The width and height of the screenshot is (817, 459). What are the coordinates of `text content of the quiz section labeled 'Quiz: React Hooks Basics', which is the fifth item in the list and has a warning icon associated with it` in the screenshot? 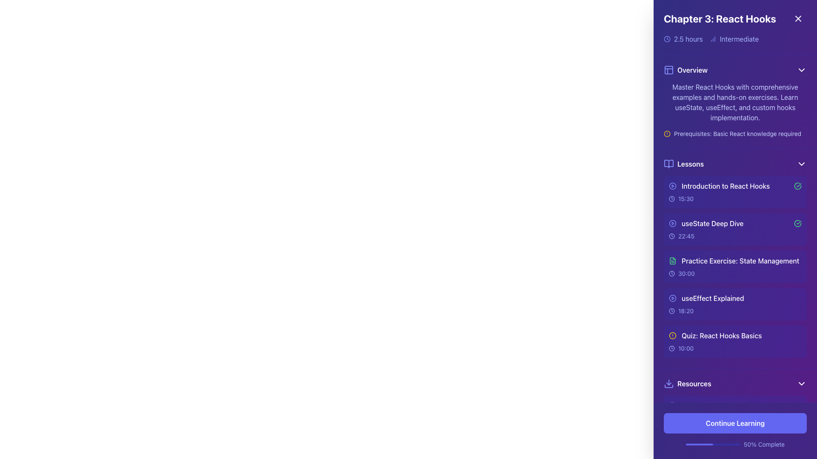 It's located at (735, 335).